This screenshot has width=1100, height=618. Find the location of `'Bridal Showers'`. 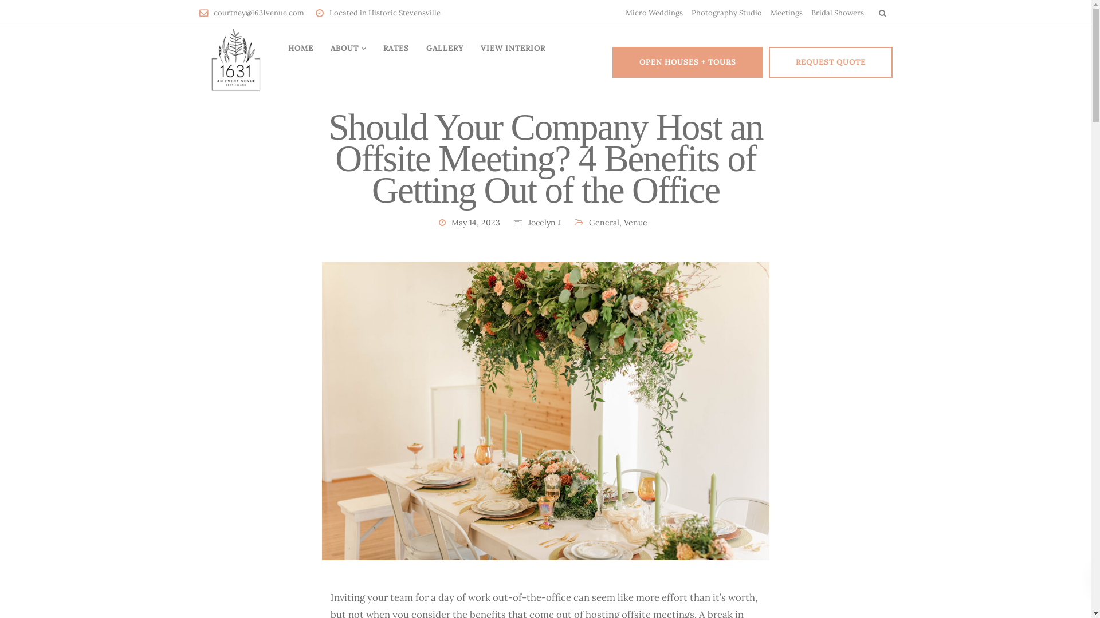

'Bridal Showers' is located at coordinates (838, 13).